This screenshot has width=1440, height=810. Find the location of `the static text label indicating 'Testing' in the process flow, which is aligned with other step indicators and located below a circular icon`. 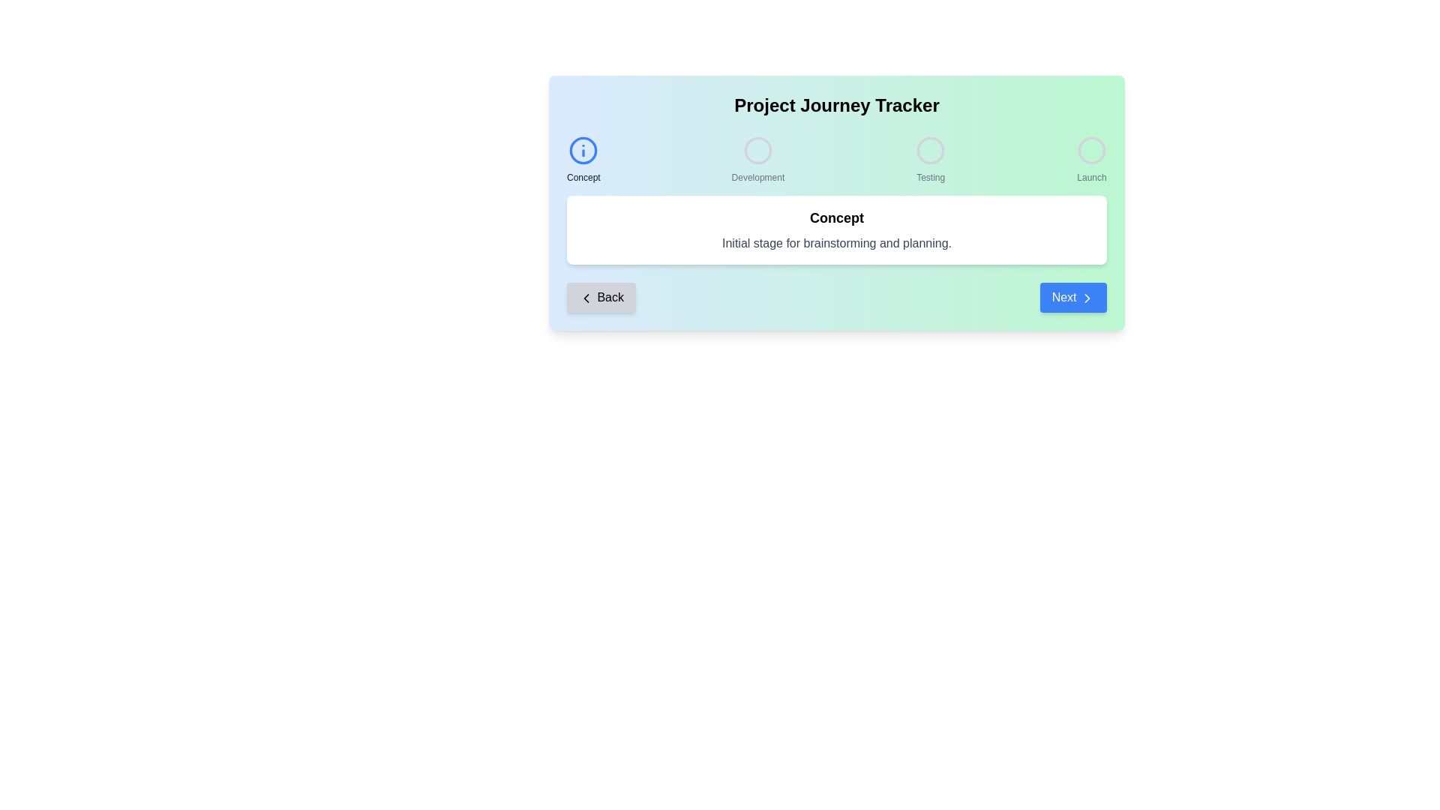

the static text label indicating 'Testing' in the process flow, which is aligned with other step indicators and located below a circular icon is located at coordinates (930, 176).